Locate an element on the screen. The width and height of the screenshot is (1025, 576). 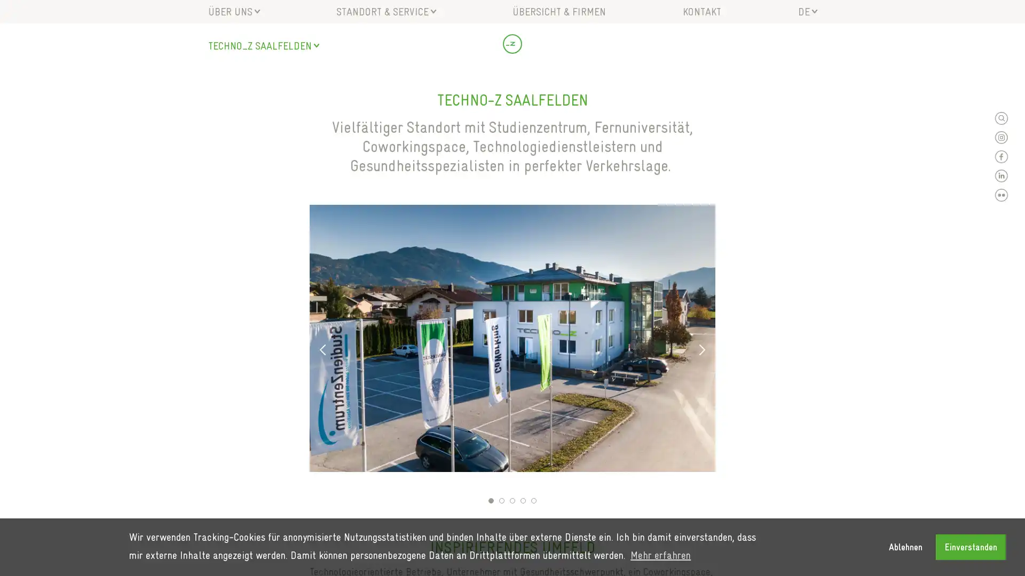
deny cookies is located at coordinates (904, 547).